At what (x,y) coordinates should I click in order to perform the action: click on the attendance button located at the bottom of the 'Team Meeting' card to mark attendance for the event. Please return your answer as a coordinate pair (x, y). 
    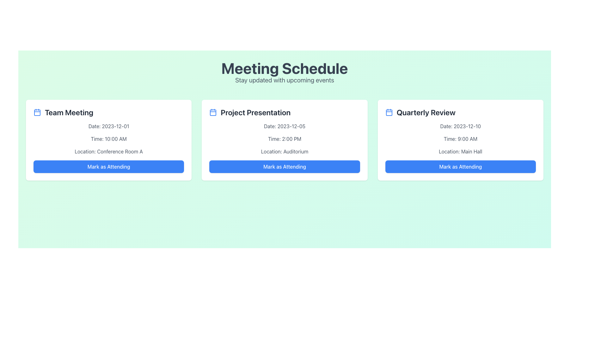
    Looking at the image, I should click on (109, 166).